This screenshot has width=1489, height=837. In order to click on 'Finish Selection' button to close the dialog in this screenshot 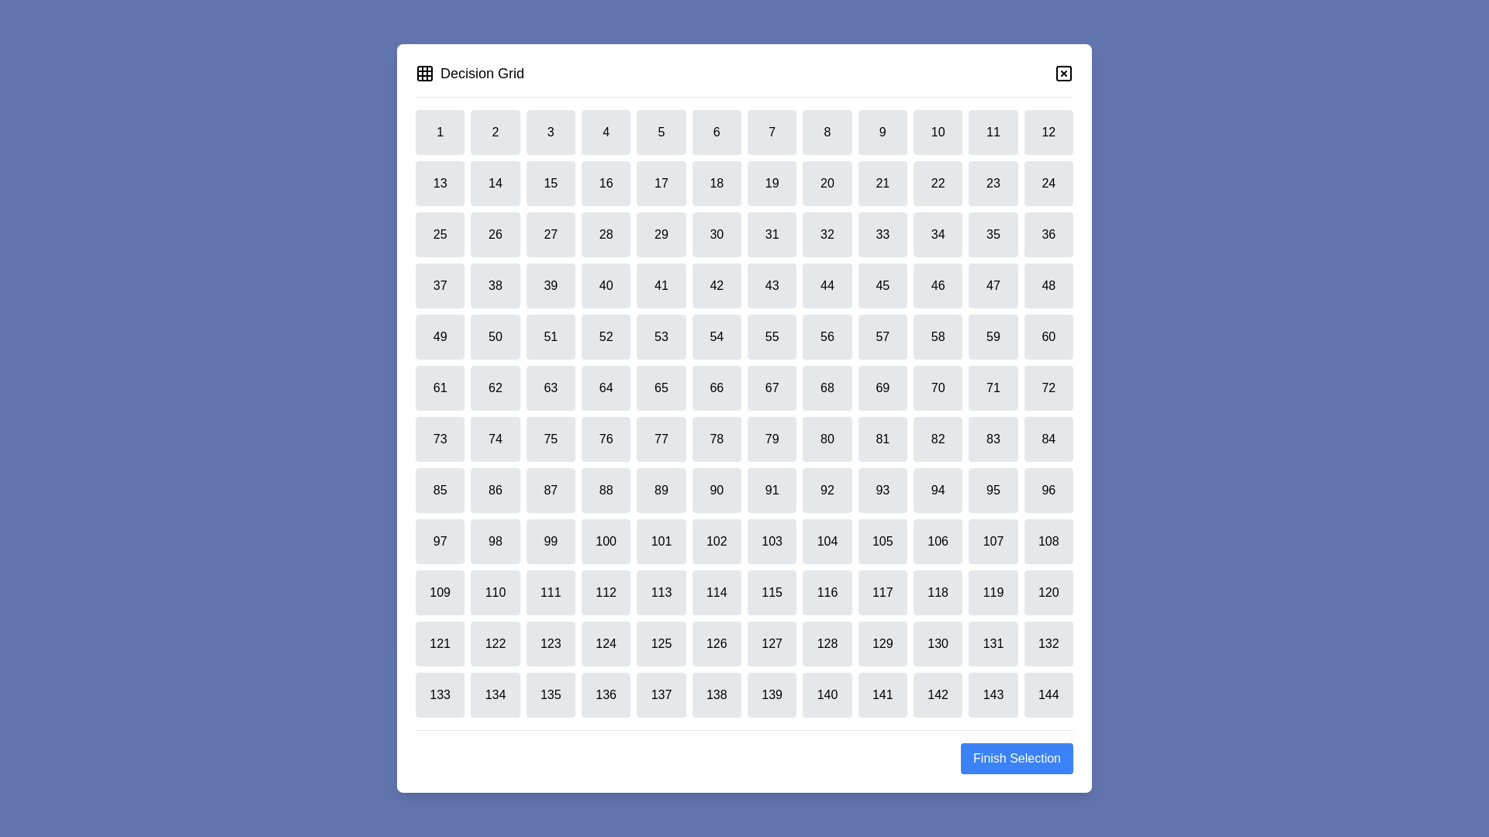, I will do `click(1016, 758)`.